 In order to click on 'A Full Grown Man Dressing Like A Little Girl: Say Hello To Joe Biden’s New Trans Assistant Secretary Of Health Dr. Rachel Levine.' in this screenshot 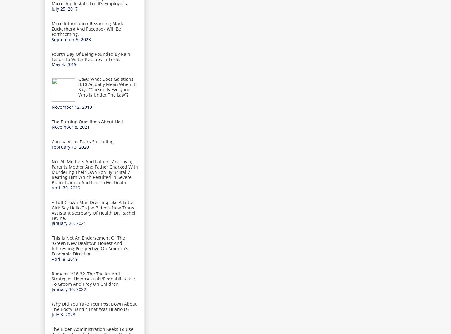, I will do `click(51, 210)`.